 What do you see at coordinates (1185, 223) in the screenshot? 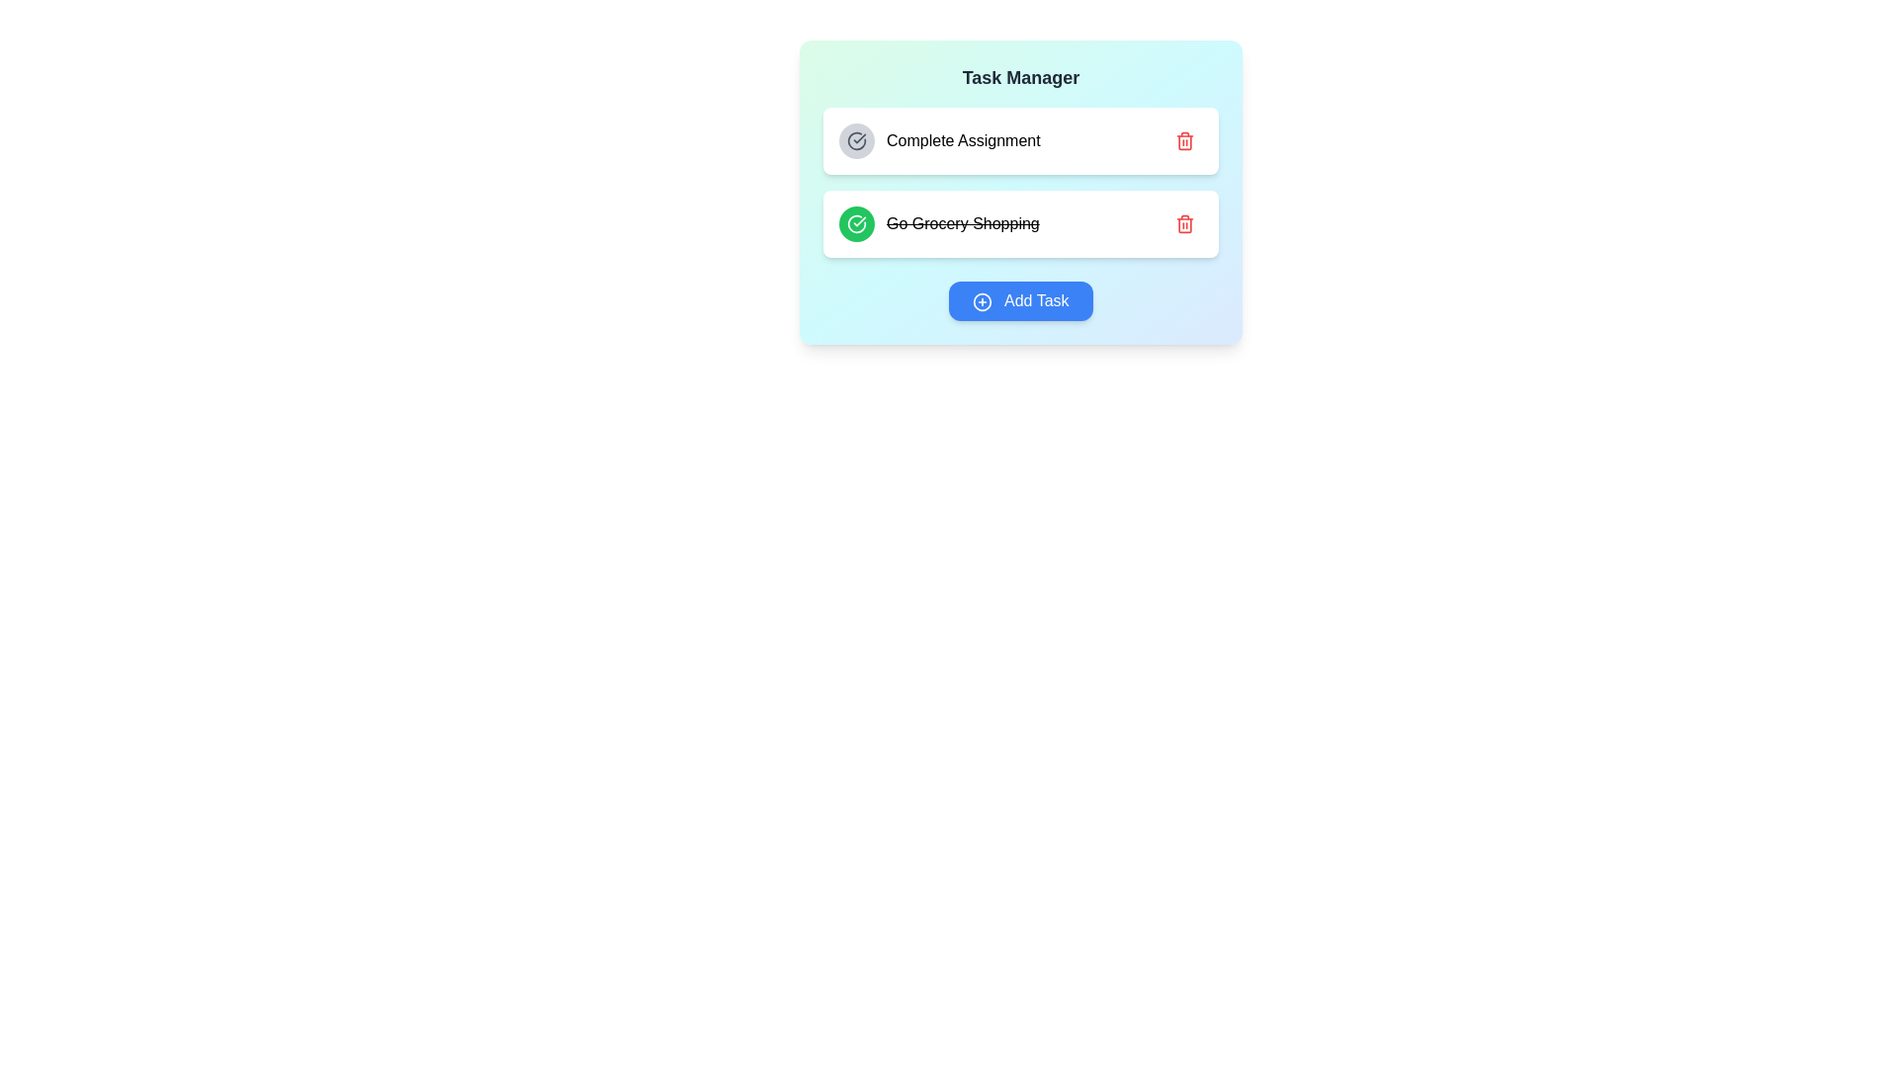
I see `the red trash bin icon button on the far-right side of the entry for 'Go Grocery Shopping'` at bounding box center [1185, 223].